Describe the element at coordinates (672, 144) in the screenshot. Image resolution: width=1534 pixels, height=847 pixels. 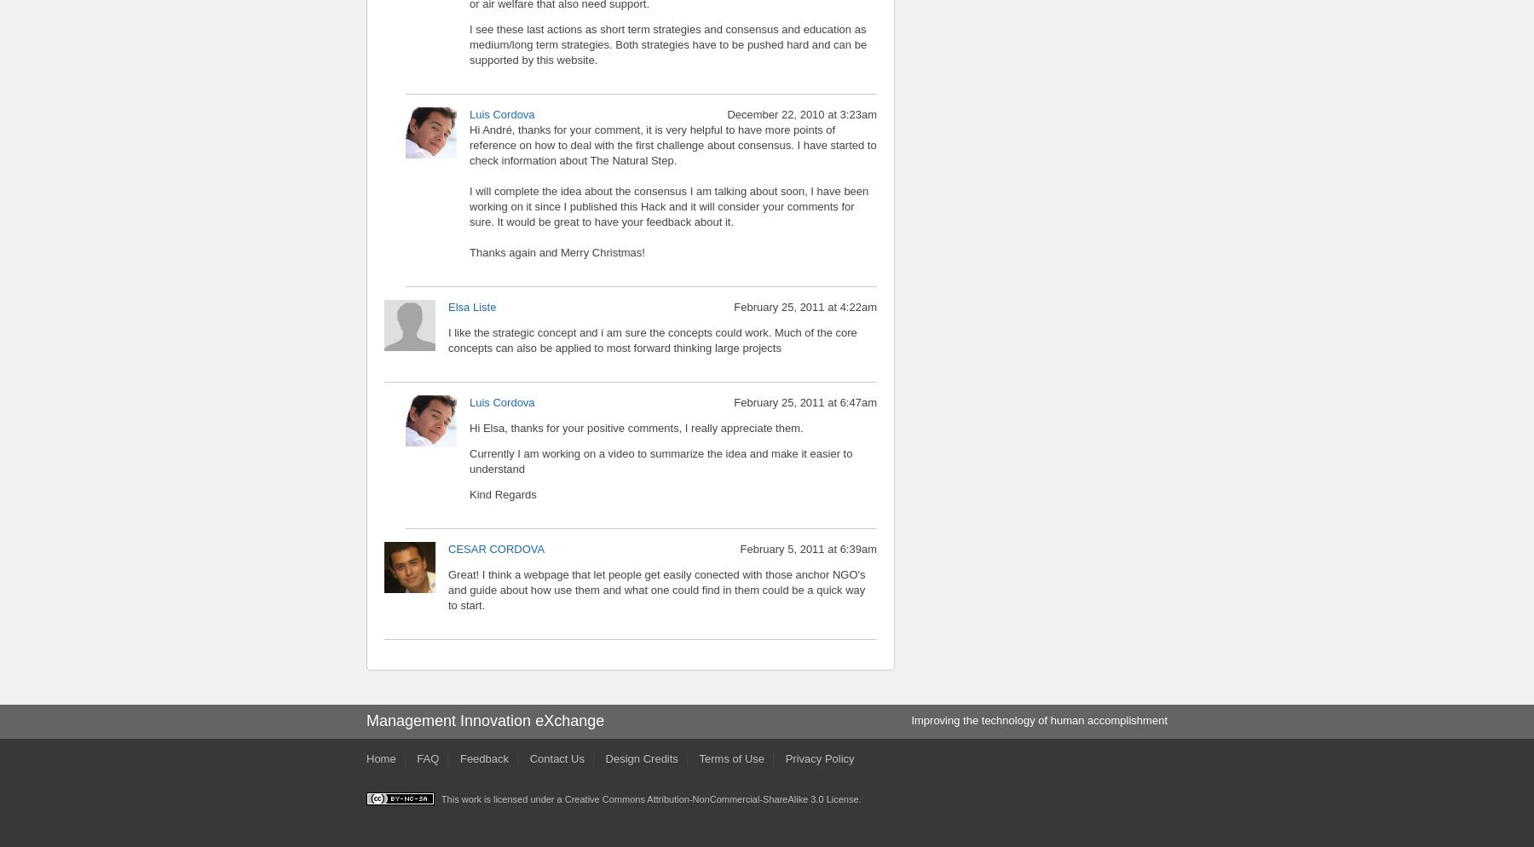
I see `'Hi André, thanks for your comment, it is very helpful to have more points of reference on how to deal with the first challenge about consensus. I have started to check information about The Natural Step.'` at that location.